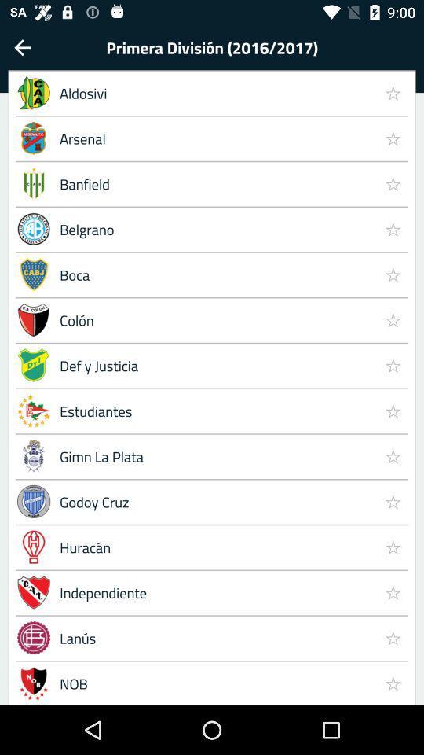 This screenshot has width=424, height=755. What do you see at coordinates (392, 456) in the screenshot?
I see `the icon next to the estudiantes icon` at bounding box center [392, 456].